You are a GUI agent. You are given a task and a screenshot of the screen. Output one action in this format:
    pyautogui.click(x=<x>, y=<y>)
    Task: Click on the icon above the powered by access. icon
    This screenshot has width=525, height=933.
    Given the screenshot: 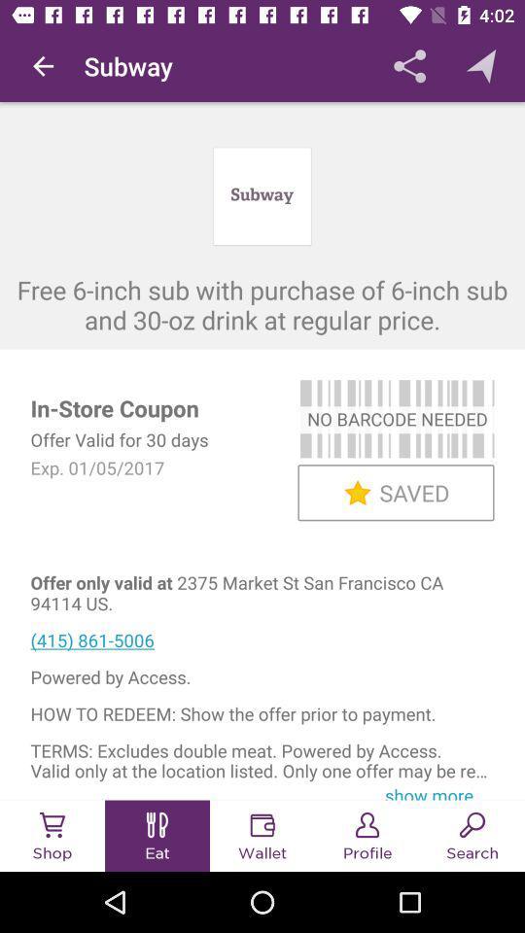 What is the action you would take?
    pyautogui.click(x=262, y=639)
    